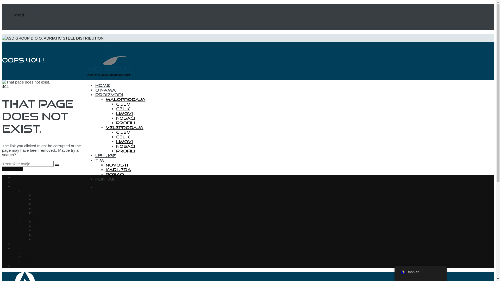 This screenshot has width=500, height=281. I want to click on 'Proizvodi', so click(20, 186).